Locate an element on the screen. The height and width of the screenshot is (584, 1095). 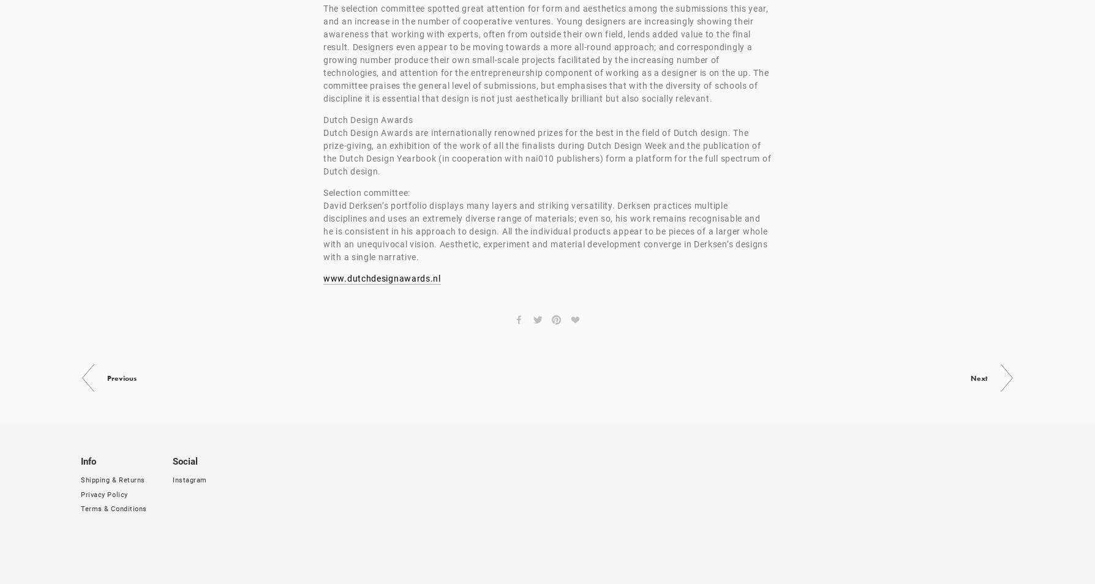
'Previous' is located at coordinates (122, 378).